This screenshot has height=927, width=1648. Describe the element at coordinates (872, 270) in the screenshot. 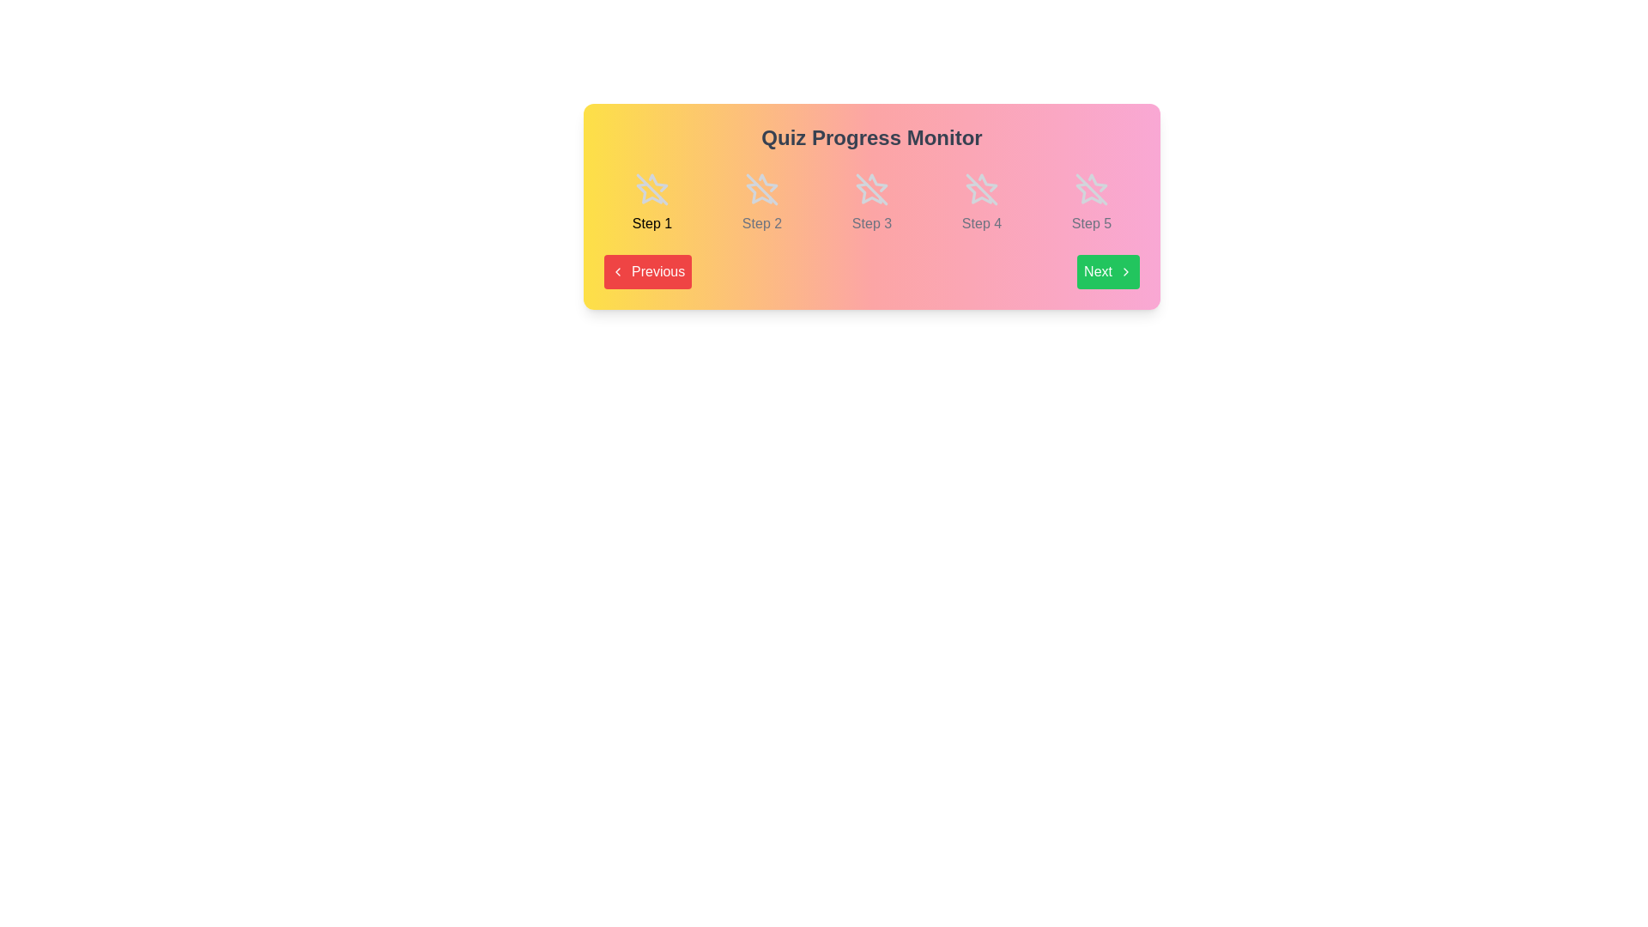

I see `the Navigation control bar with buttons that allows users to navigate through the quiz steps` at that location.